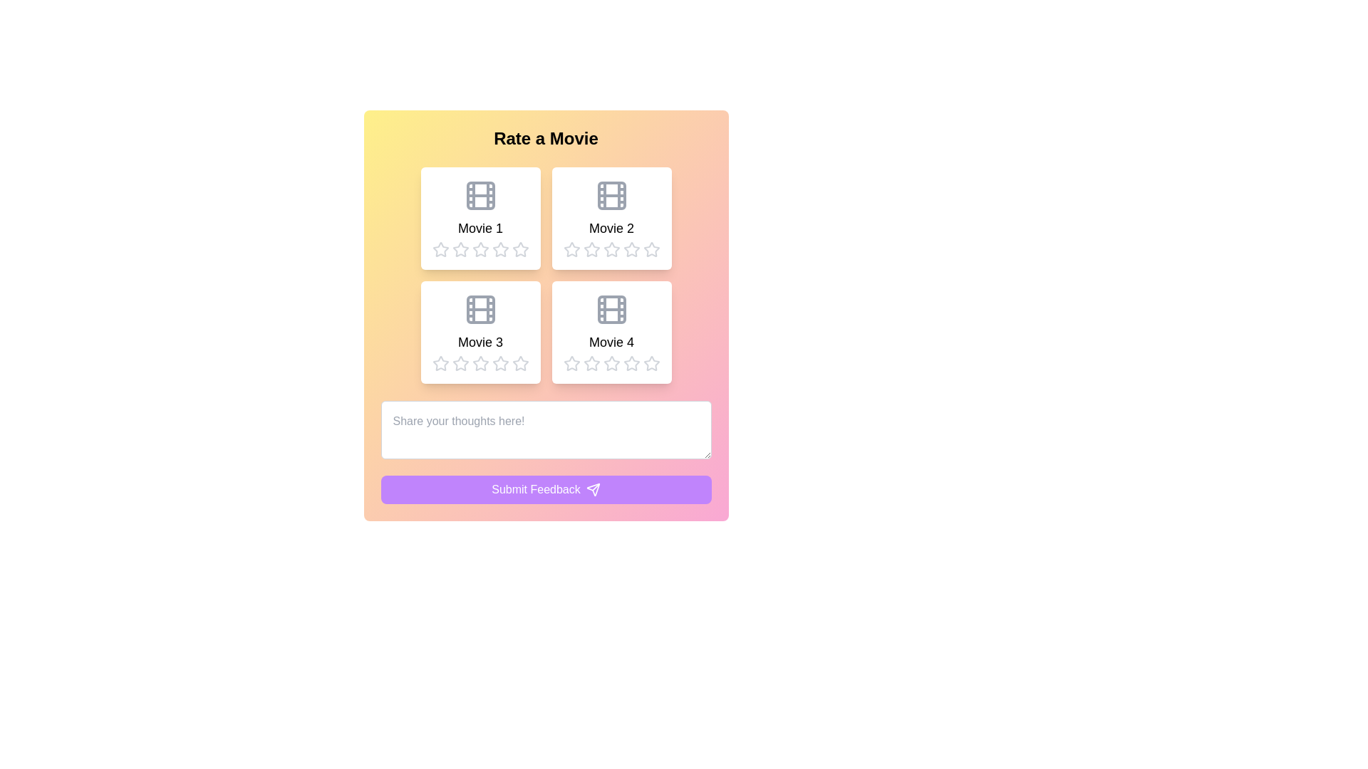 This screenshot has width=1368, height=769. What do you see at coordinates (519, 362) in the screenshot?
I see `the third Rating Star Icon in the rating section for 'Movie 3'` at bounding box center [519, 362].